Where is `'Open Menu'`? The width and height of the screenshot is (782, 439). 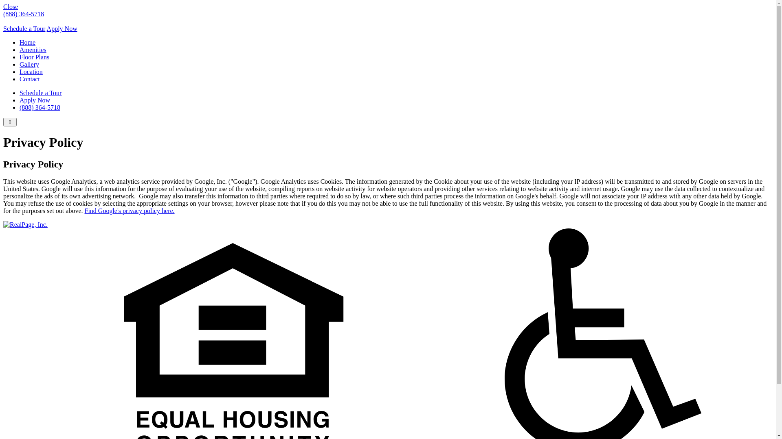 'Open Menu' is located at coordinates (10, 122).